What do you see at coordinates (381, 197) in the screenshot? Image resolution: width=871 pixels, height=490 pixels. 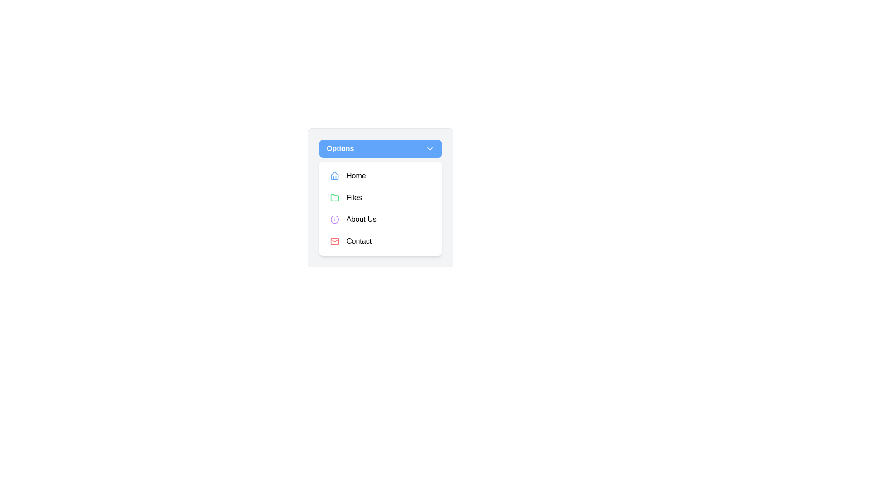 I see `the 'Files' menu item, which is the second item in the vertical menu list, to trigger visual feedback` at bounding box center [381, 197].